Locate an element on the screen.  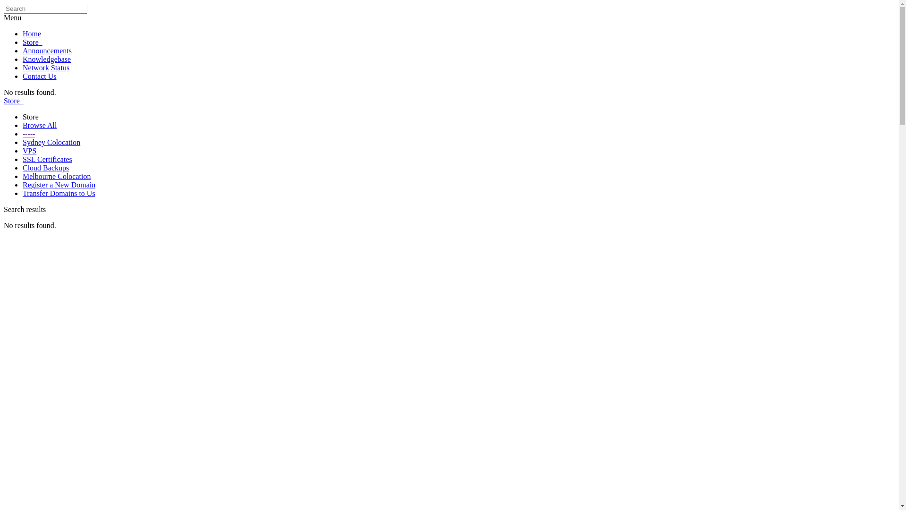
'Contact Us' is located at coordinates (23, 76).